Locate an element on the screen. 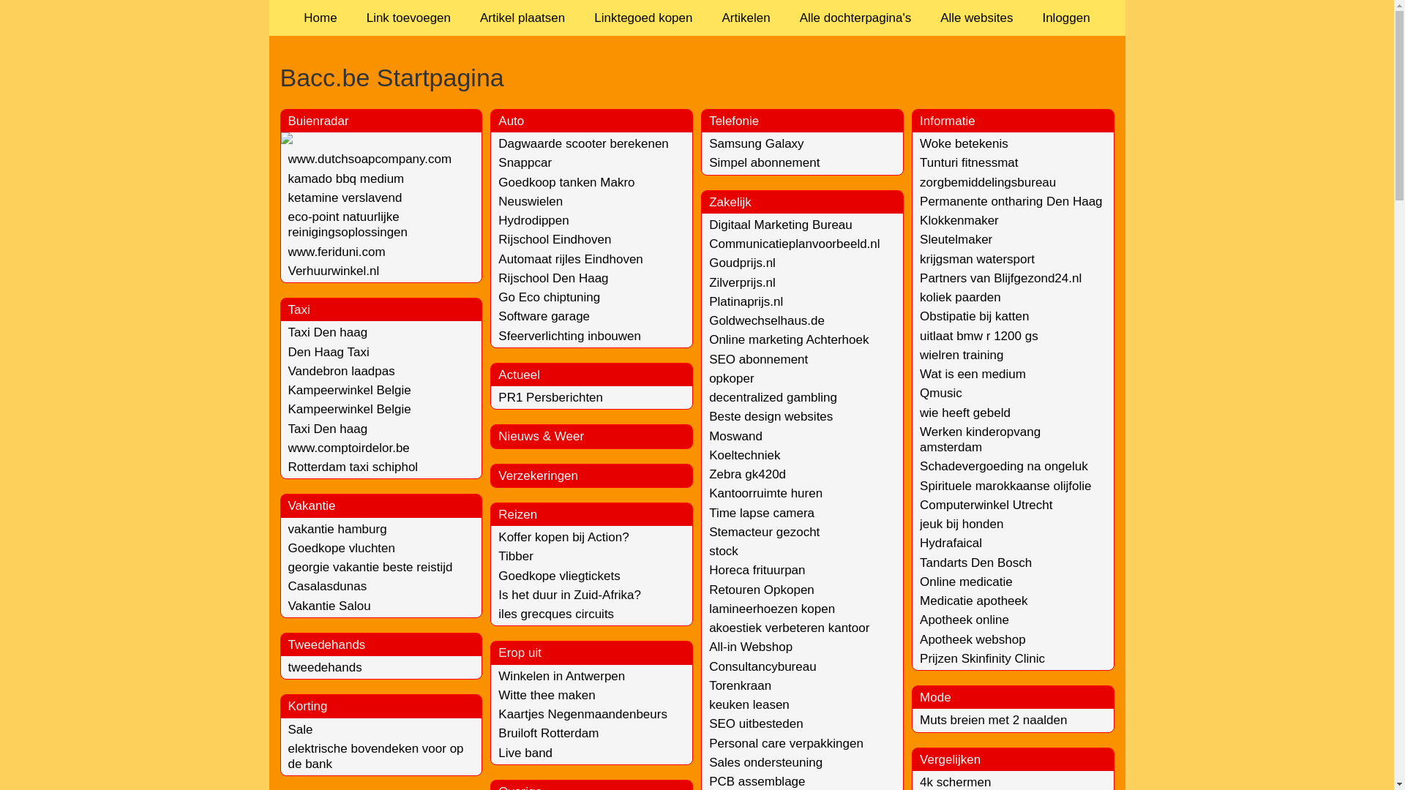  'Vandebron laadpas' is located at coordinates (288, 370).